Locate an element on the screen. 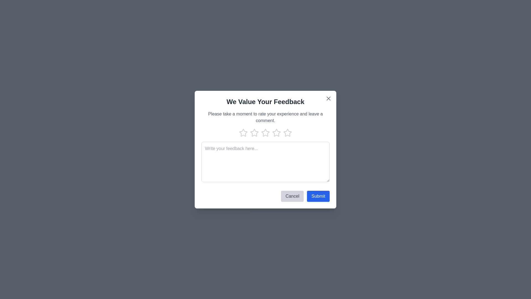 The height and width of the screenshot is (299, 531). the first star icon in the rating system is located at coordinates (243, 132).